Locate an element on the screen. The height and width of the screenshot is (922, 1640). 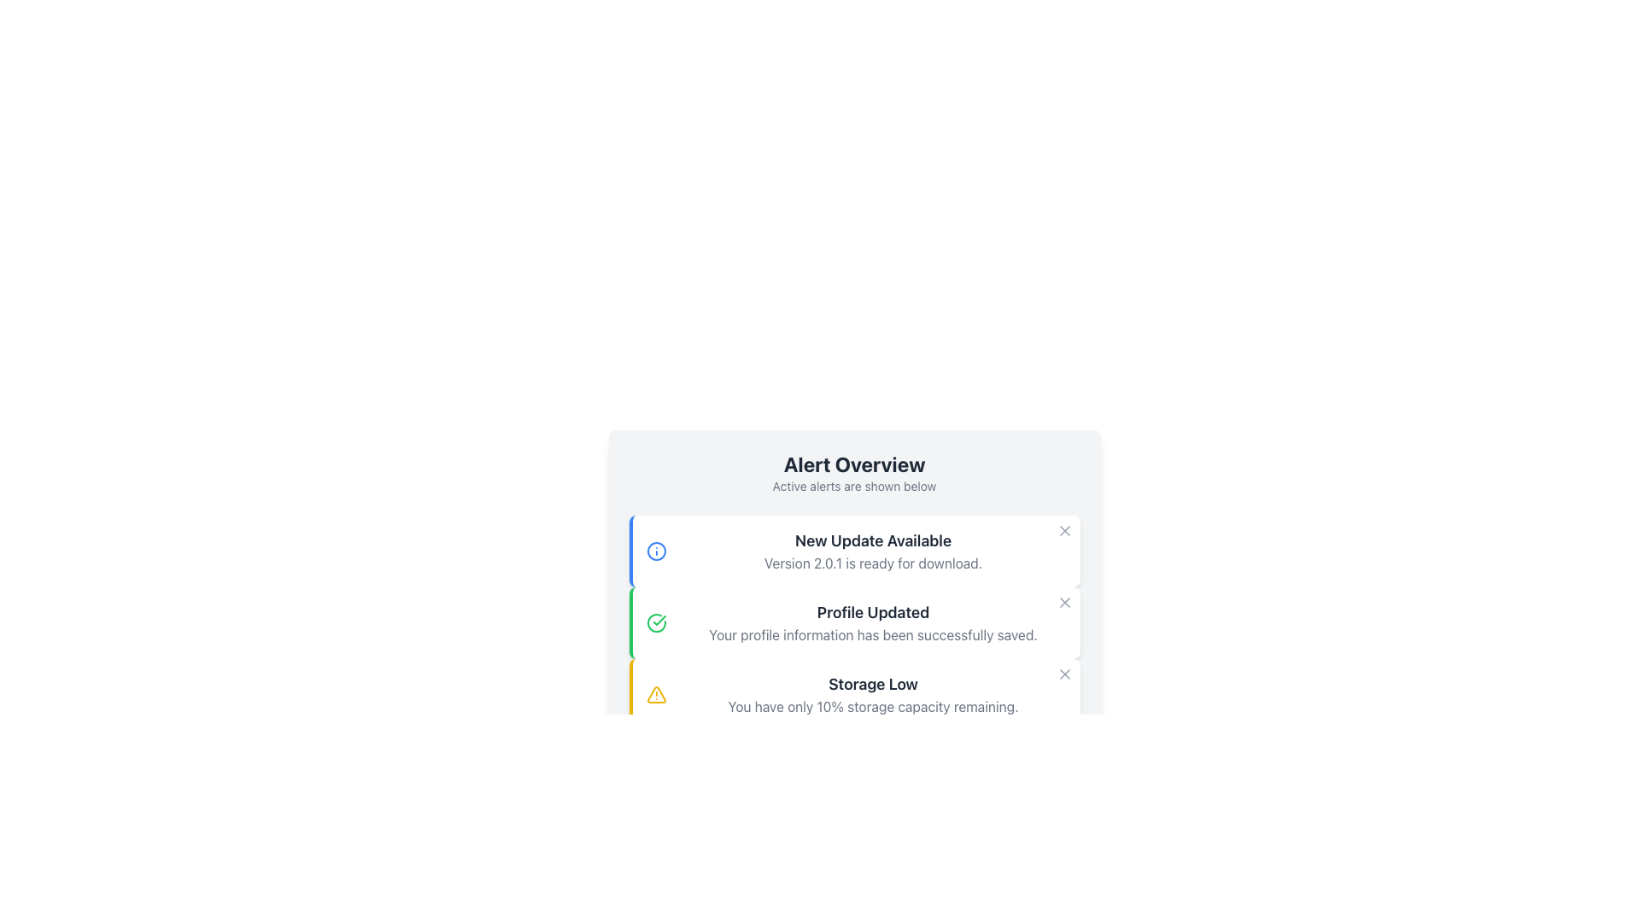
the Header Section that provides context about the active alerts, positioned at the top of the alert section is located at coordinates (854, 473).